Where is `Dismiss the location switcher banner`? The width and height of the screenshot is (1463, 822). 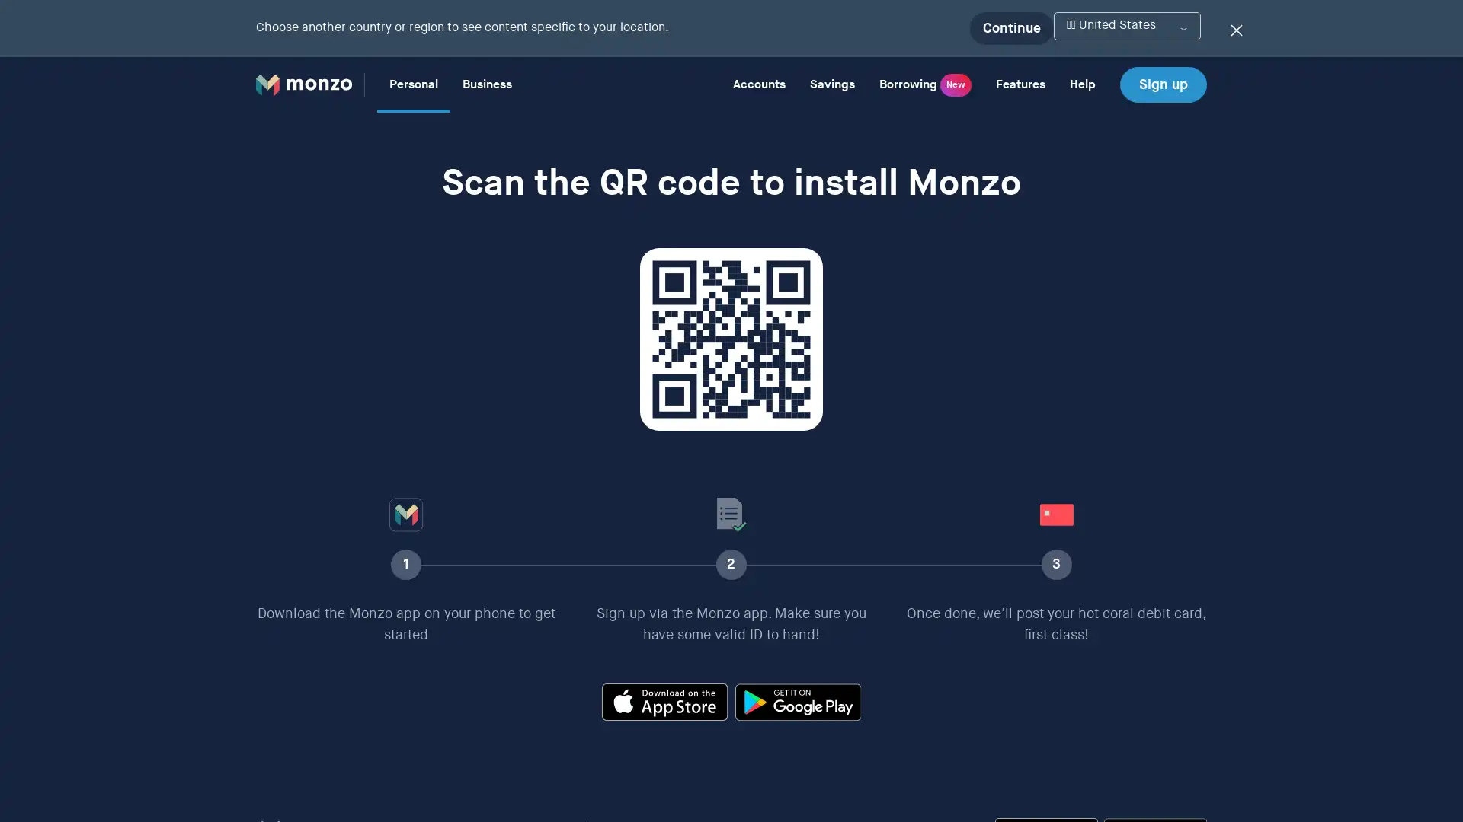
Dismiss the location switcher banner is located at coordinates (1236, 30).